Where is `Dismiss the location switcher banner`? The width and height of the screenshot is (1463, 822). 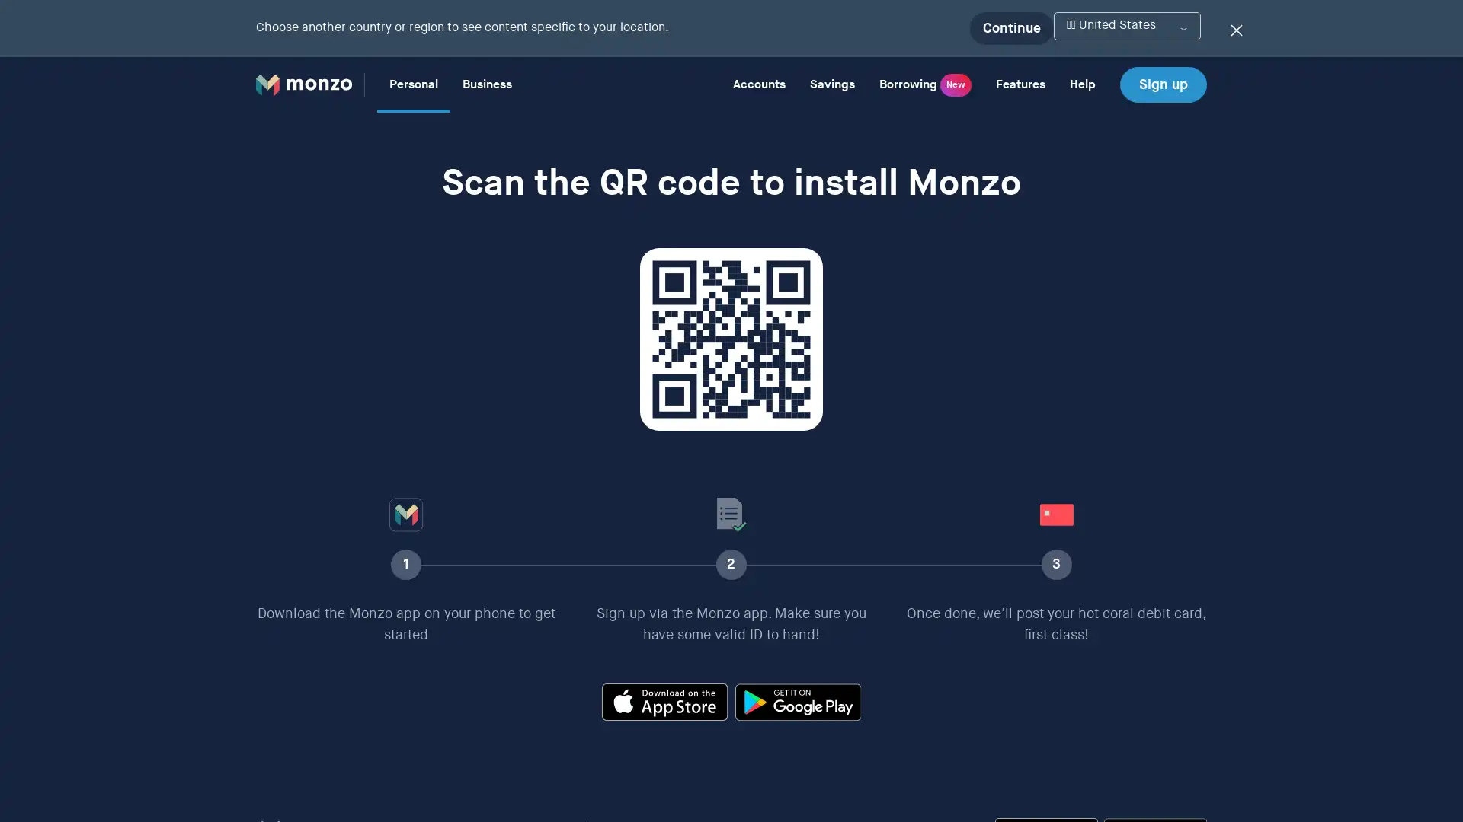
Dismiss the location switcher banner is located at coordinates (1236, 30).